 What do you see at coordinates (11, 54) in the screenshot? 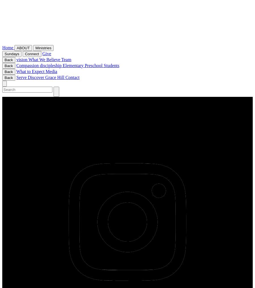
I see `'Sundays'` at bounding box center [11, 54].